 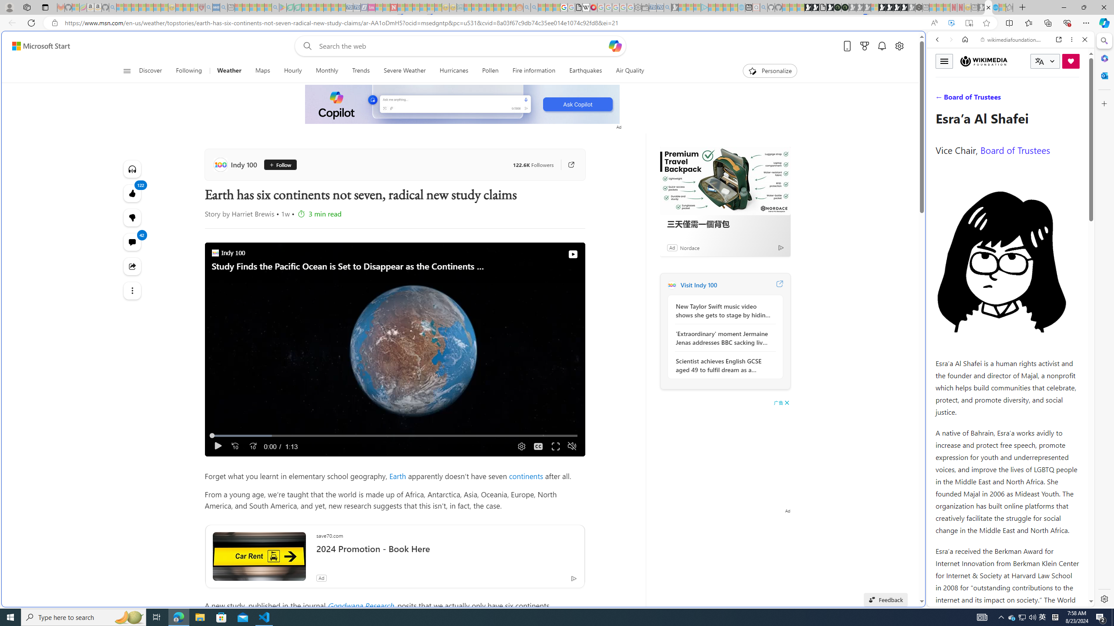 What do you see at coordinates (292, 70) in the screenshot?
I see `'Hourly'` at bounding box center [292, 70].